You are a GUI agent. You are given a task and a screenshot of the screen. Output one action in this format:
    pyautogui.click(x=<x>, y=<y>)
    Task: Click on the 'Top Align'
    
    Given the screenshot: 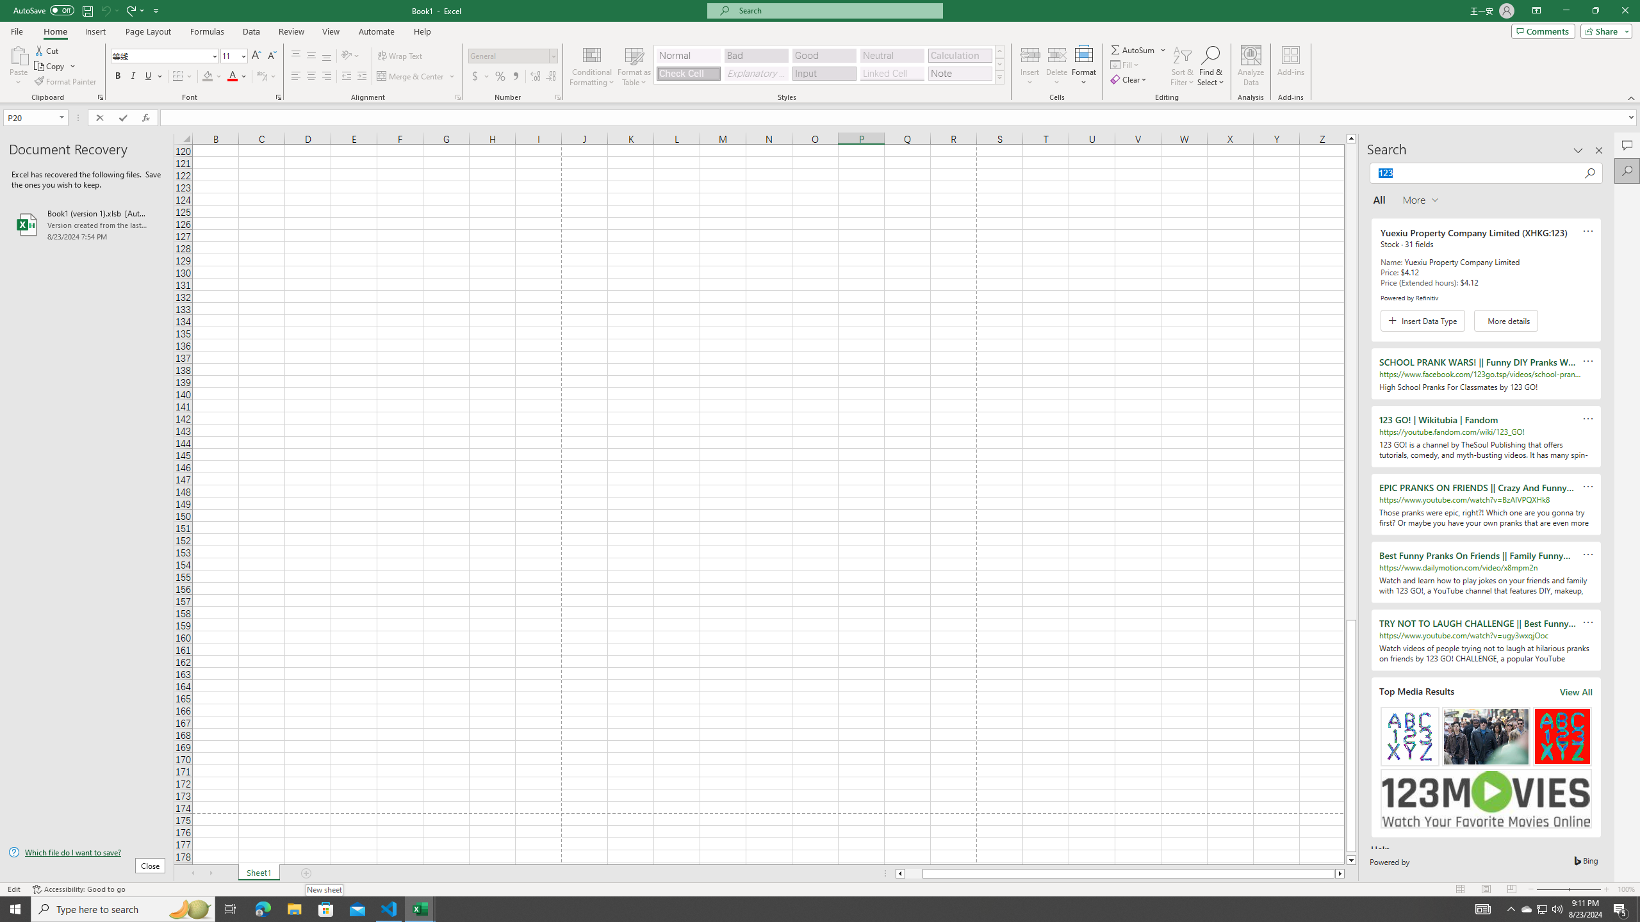 What is the action you would take?
    pyautogui.click(x=295, y=56)
    